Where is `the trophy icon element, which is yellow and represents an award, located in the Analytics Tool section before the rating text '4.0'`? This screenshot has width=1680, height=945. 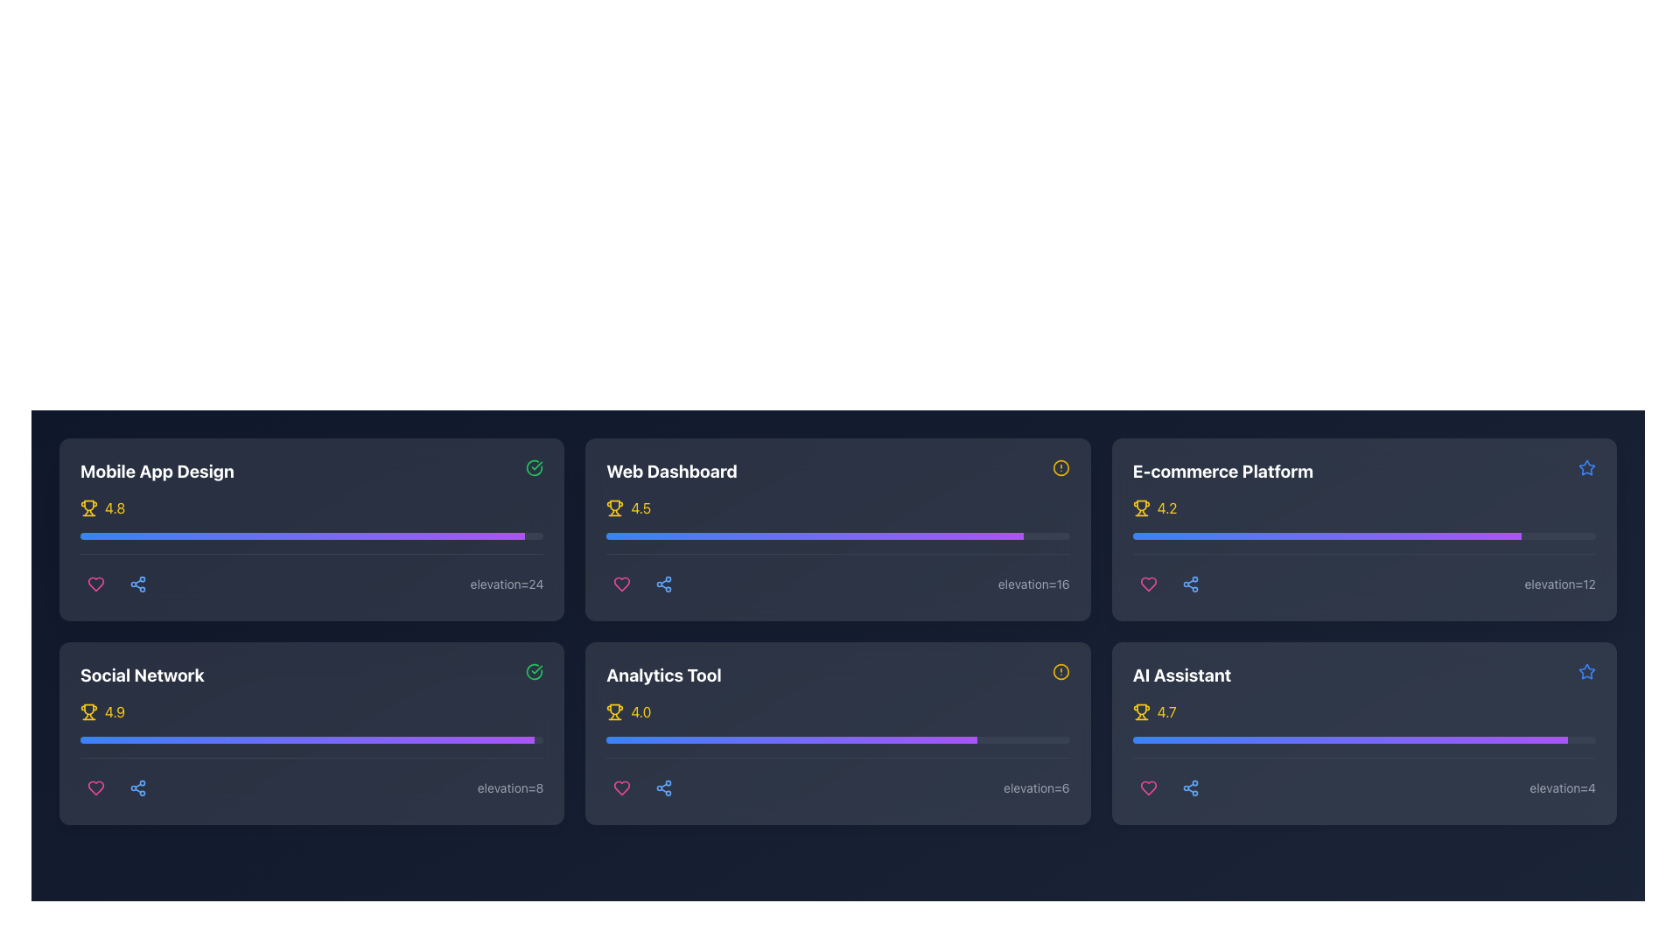 the trophy icon element, which is yellow and represents an award, located in the Analytics Tool section before the rating text '4.0' is located at coordinates (615, 711).